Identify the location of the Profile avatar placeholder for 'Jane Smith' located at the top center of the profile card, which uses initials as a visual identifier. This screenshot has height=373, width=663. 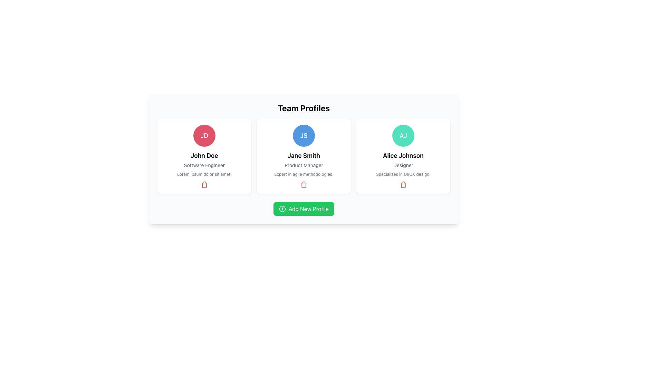
(304, 136).